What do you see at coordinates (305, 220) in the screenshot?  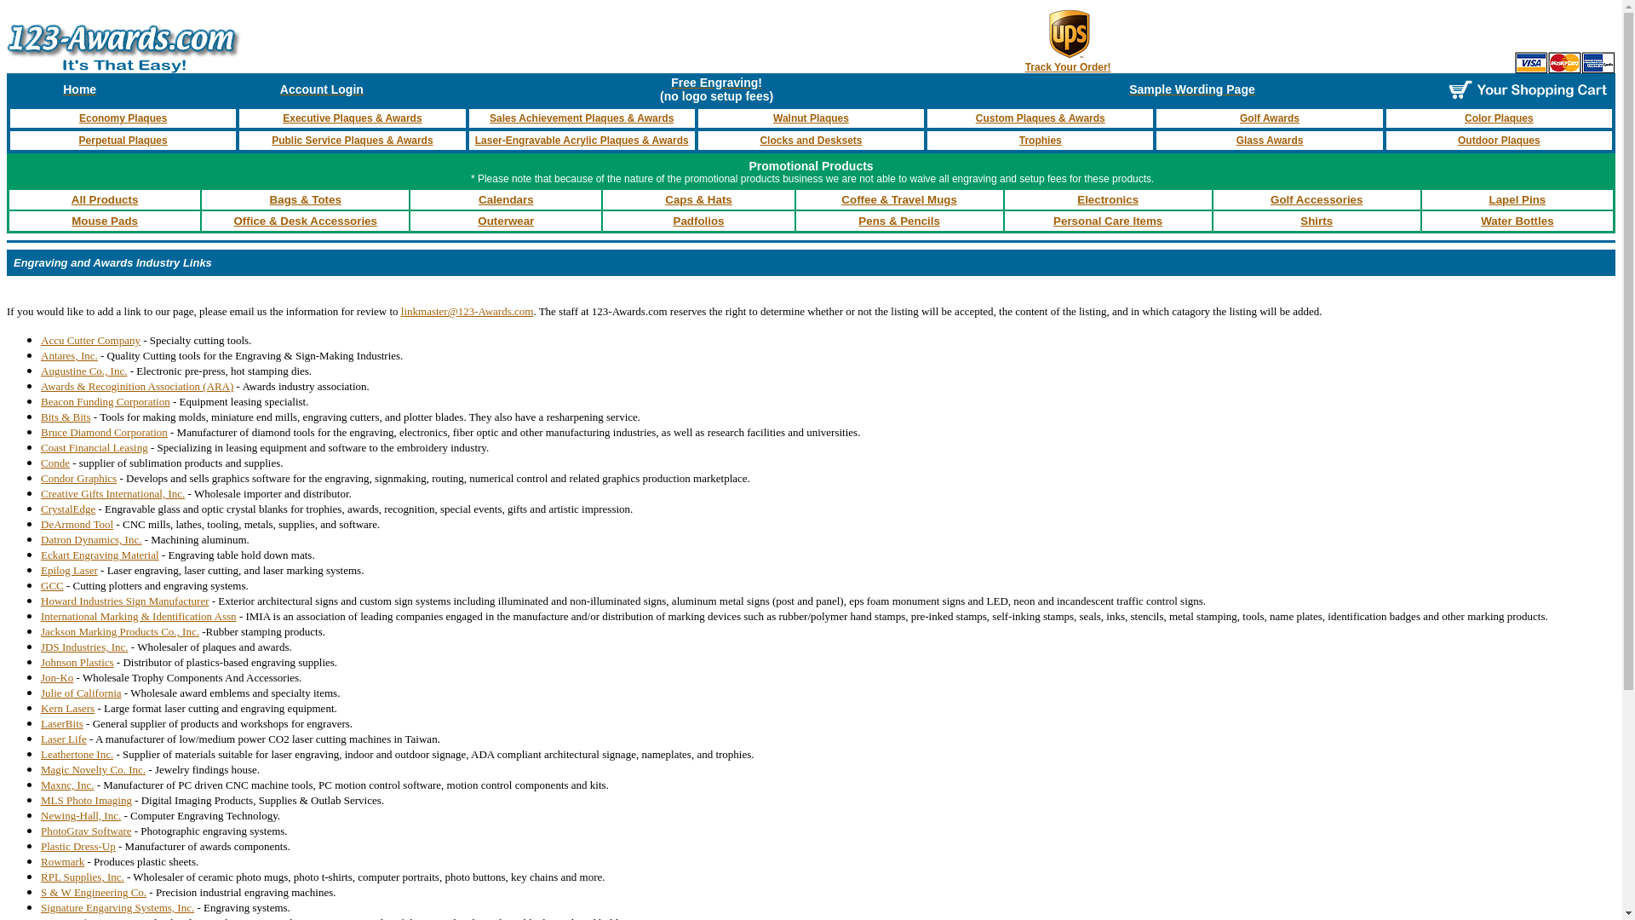 I see `'Office & Desk Accessories'` at bounding box center [305, 220].